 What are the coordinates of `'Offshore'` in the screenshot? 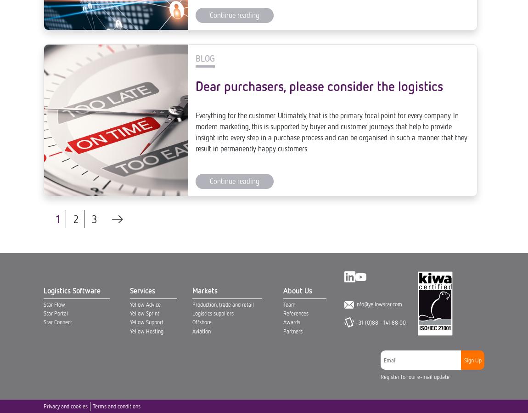 It's located at (202, 10).